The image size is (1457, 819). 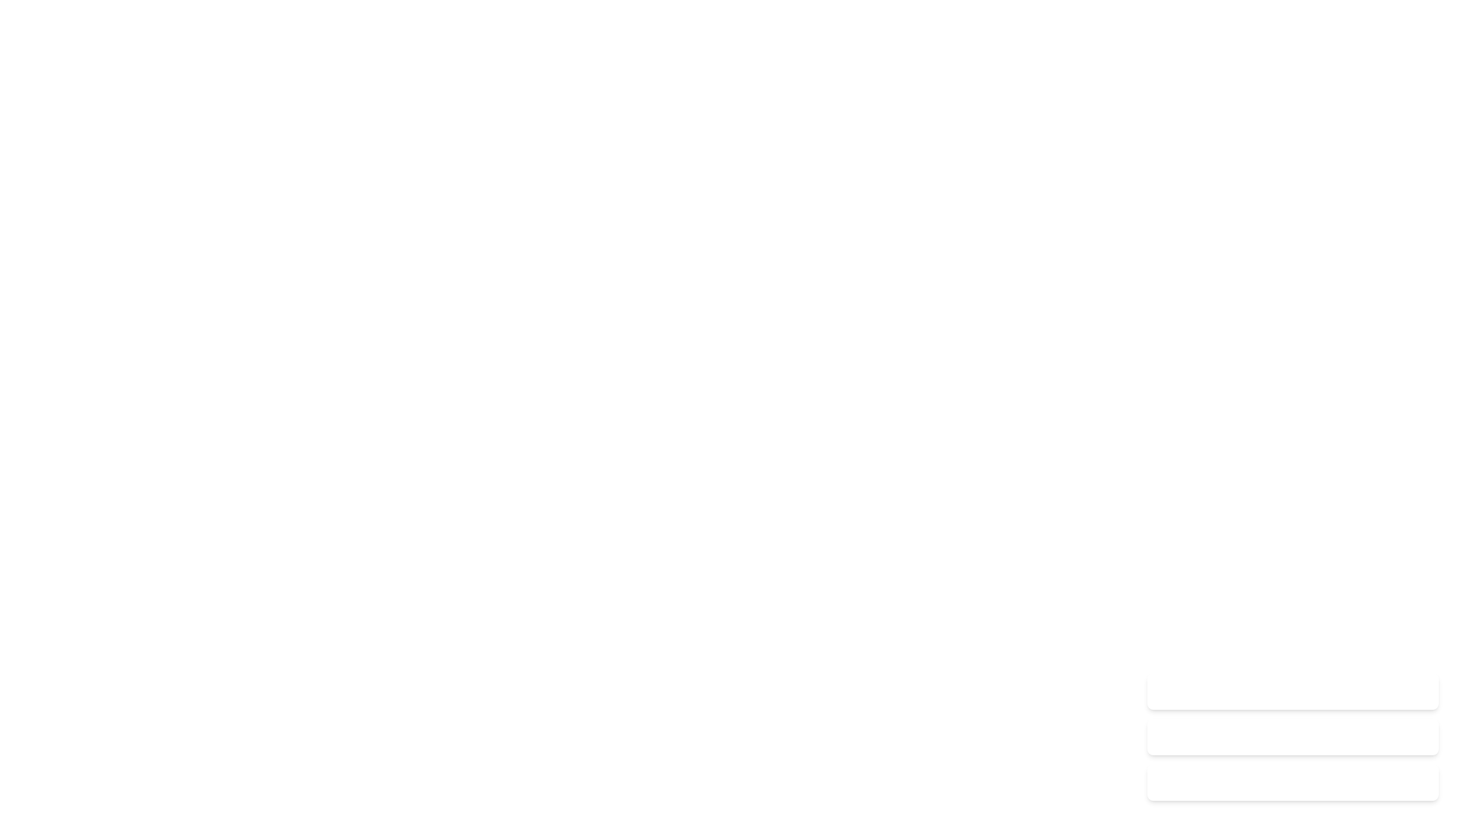 I want to click on the central SVG Circle element located in the lower-right portion of the interface, which serves a decorative or symbolic purpose, so click(x=1420, y=783).